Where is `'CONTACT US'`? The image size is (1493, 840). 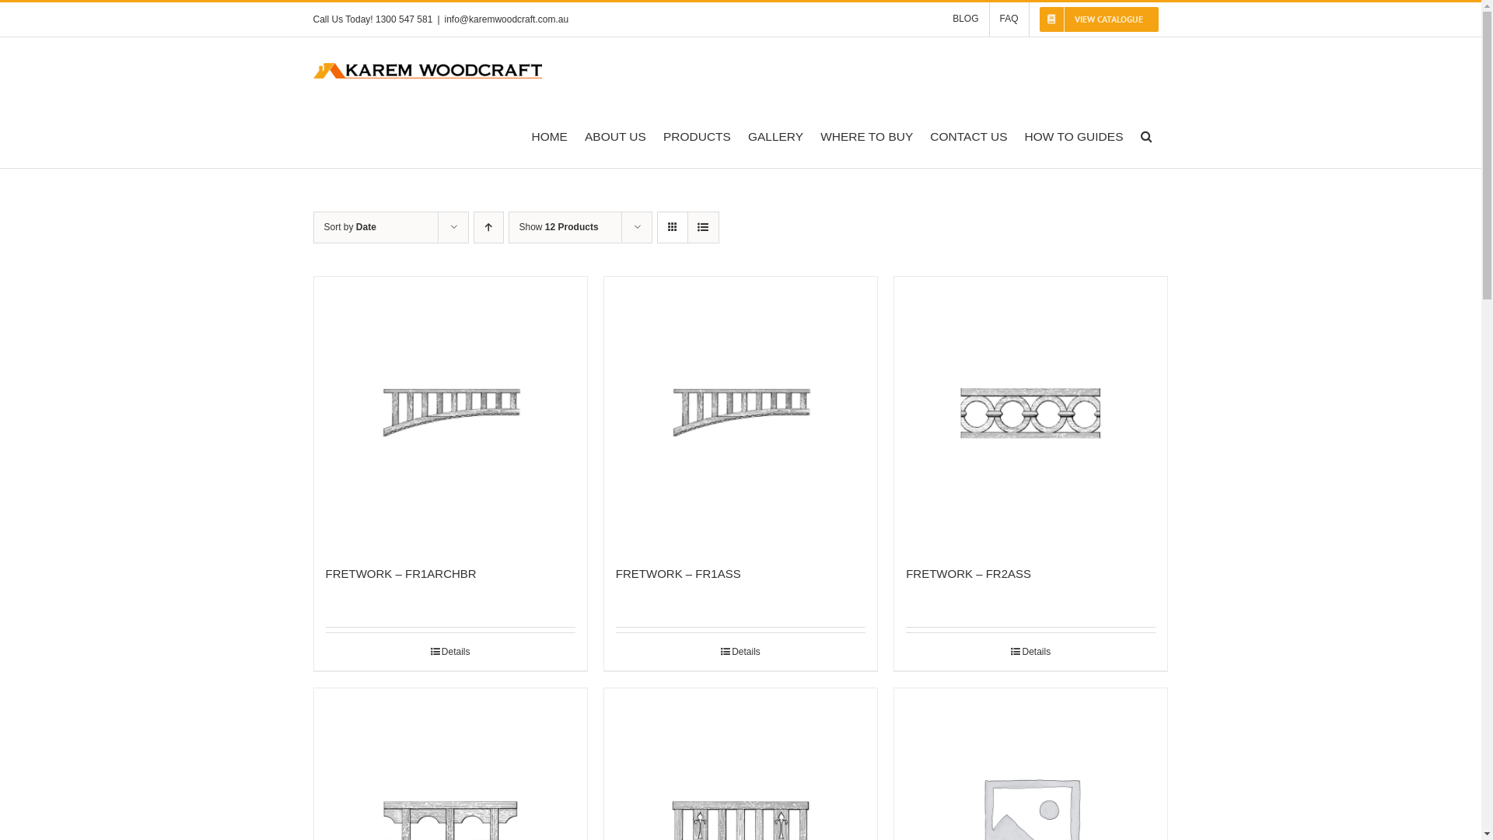 'CONTACT US' is located at coordinates (967, 134).